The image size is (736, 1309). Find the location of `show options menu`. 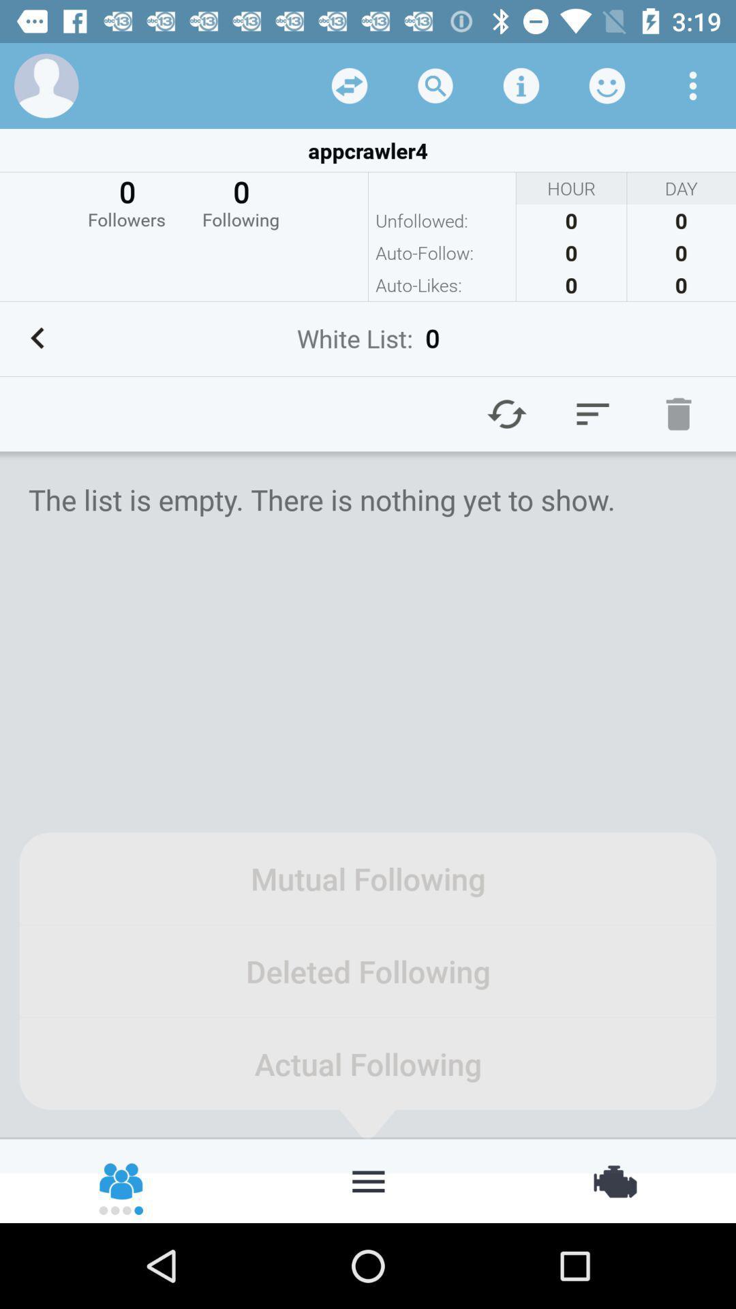

show options menu is located at coordinates (693, 85).